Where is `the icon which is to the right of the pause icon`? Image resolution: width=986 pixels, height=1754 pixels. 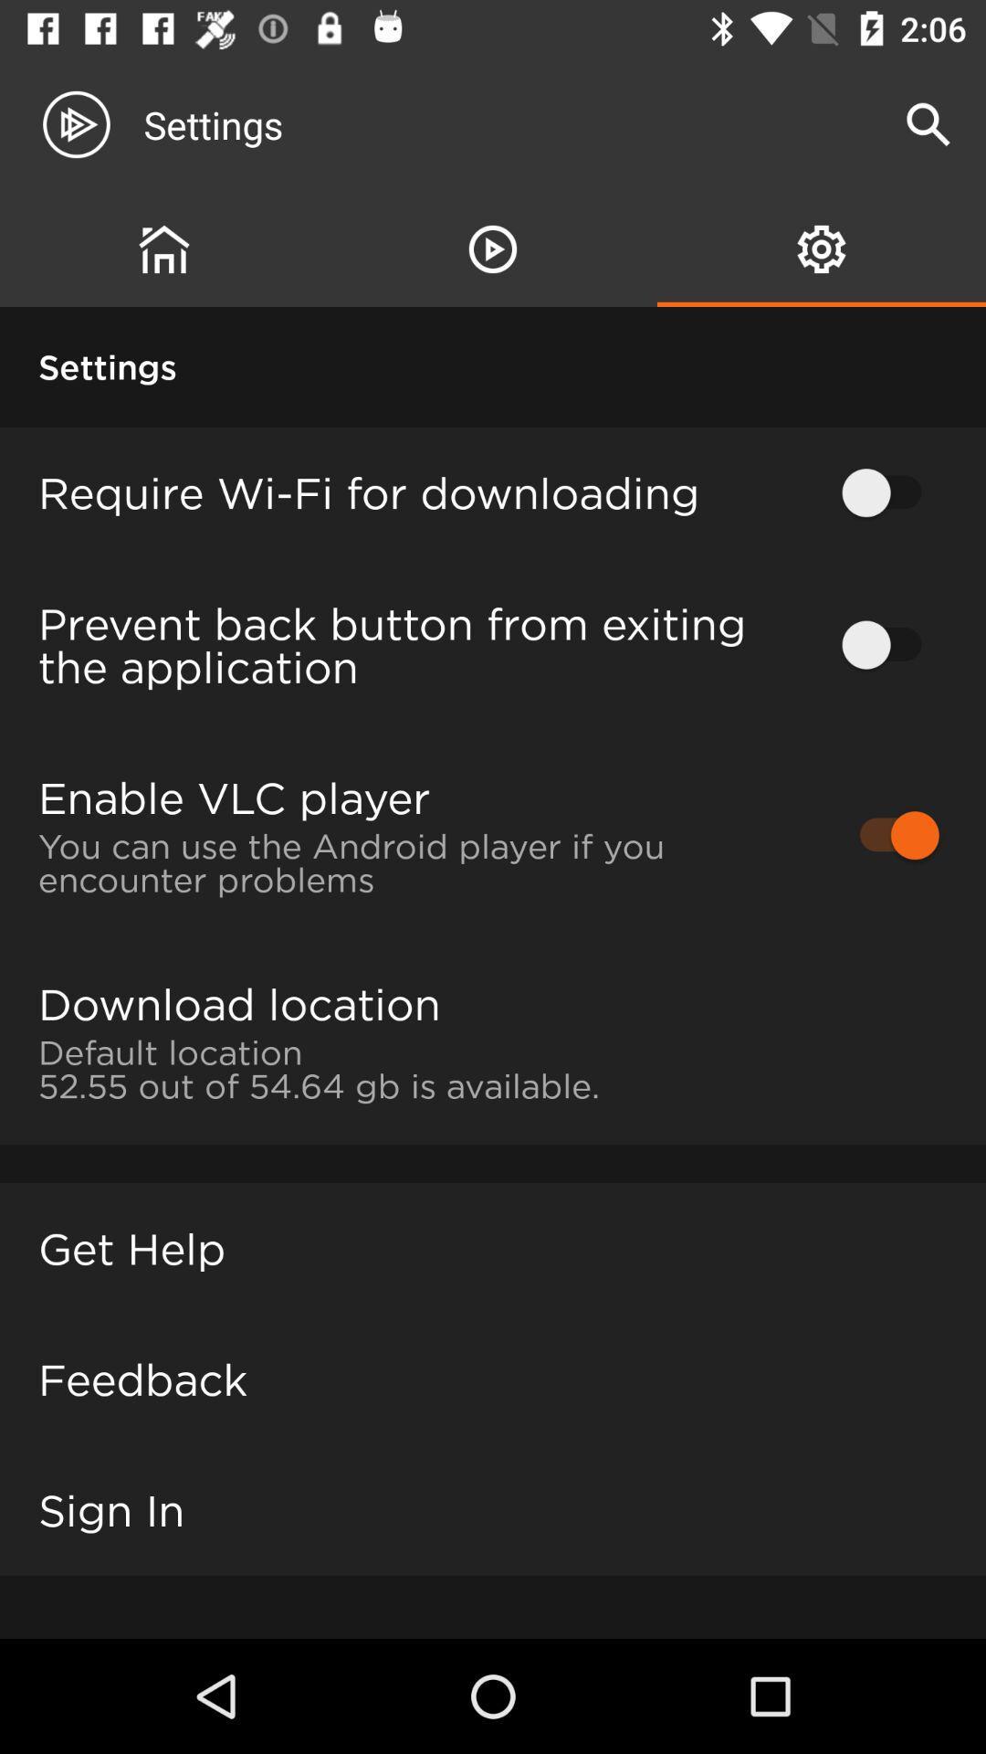
the icon which is to the right of the pause icon is located at coordinates (822, 248).